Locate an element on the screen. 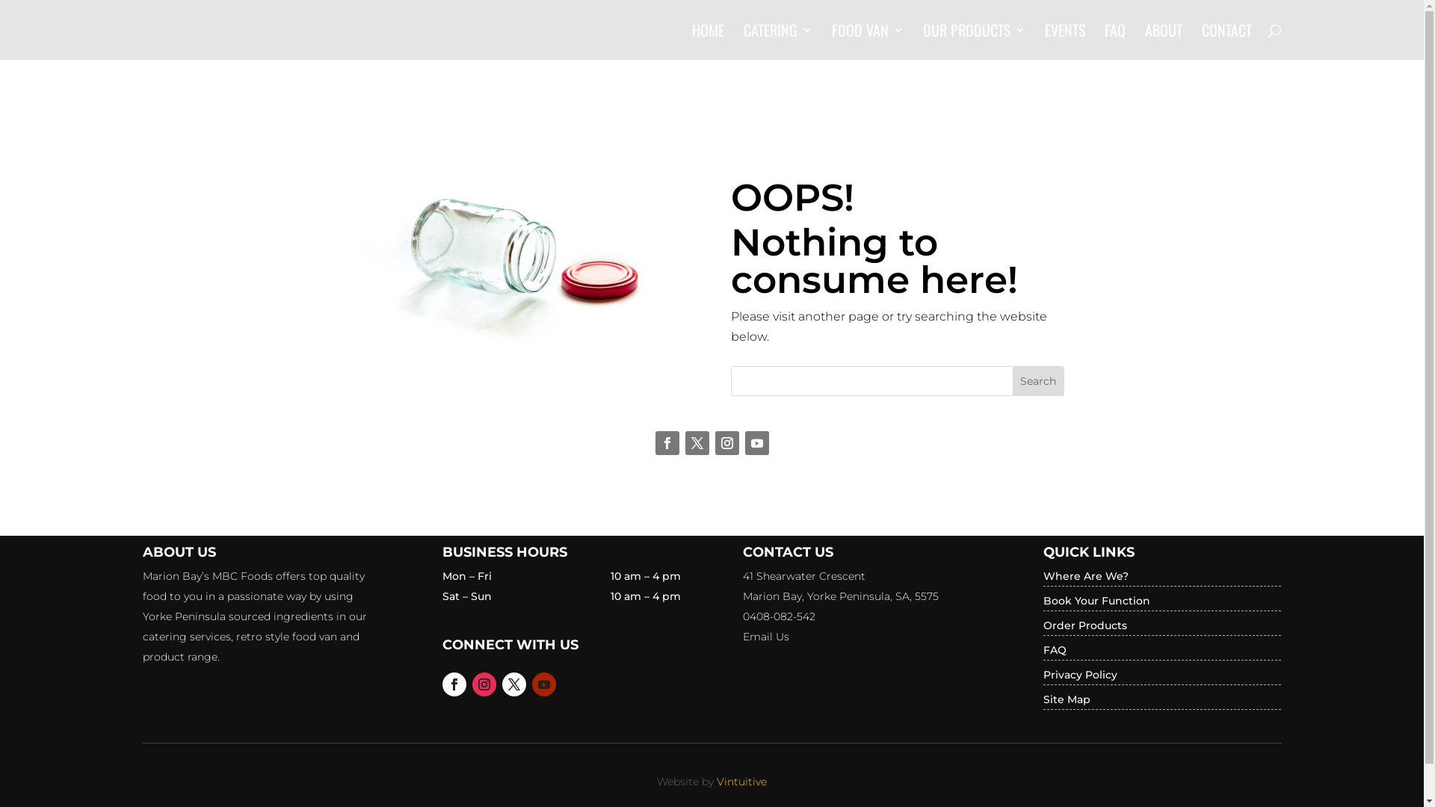 The height and width of the screenshot is (807, 1435). 'Follow on Youtube' is located at coordinates (756, 442).